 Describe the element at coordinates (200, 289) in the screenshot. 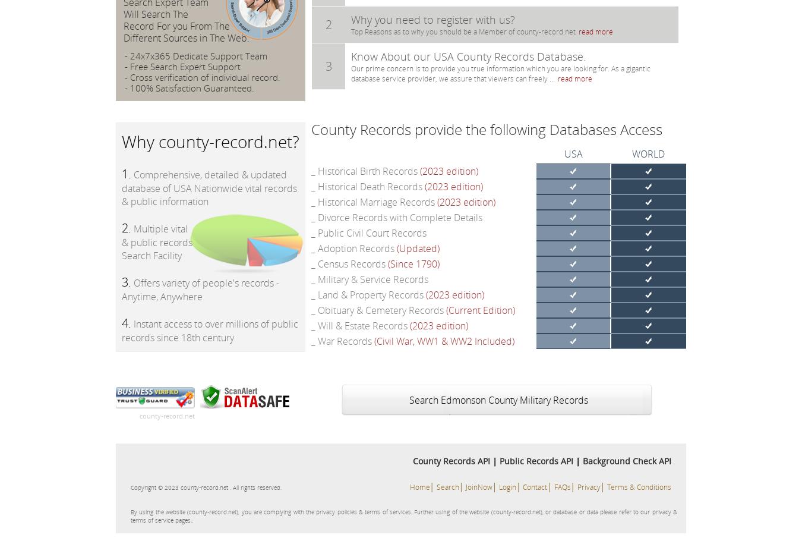

I see `'Offers variety of people's records - Anytime, Anywhere'` at that location.